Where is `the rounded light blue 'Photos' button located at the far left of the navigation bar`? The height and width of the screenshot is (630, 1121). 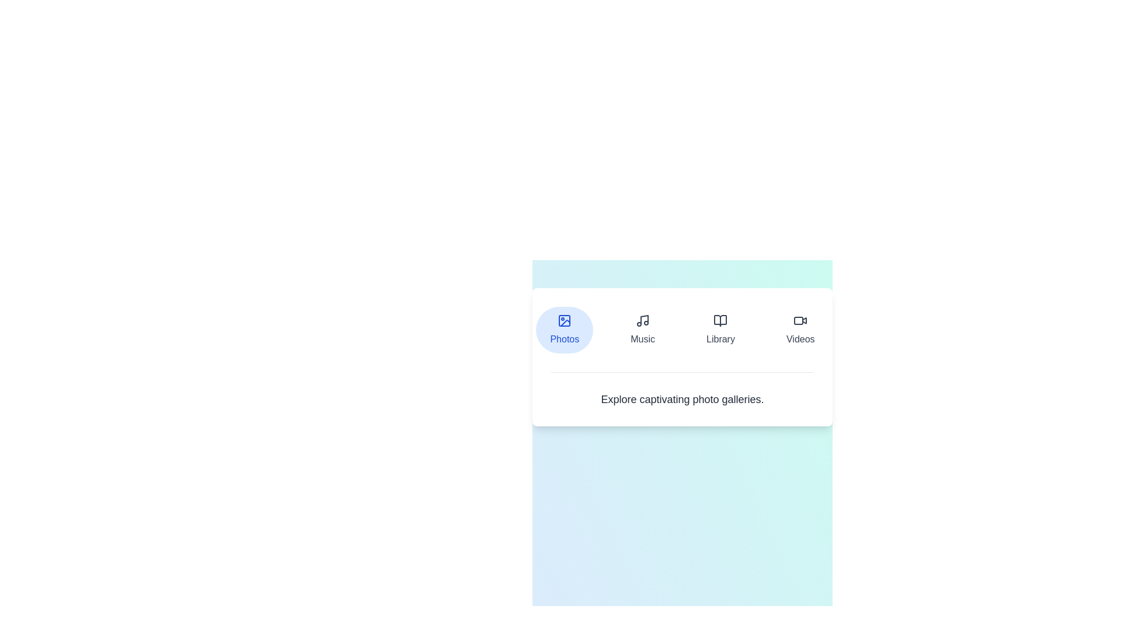 the rounded light blue 'Photos' button located at the far left of the navigation bar is located at coordinates (565, 330).